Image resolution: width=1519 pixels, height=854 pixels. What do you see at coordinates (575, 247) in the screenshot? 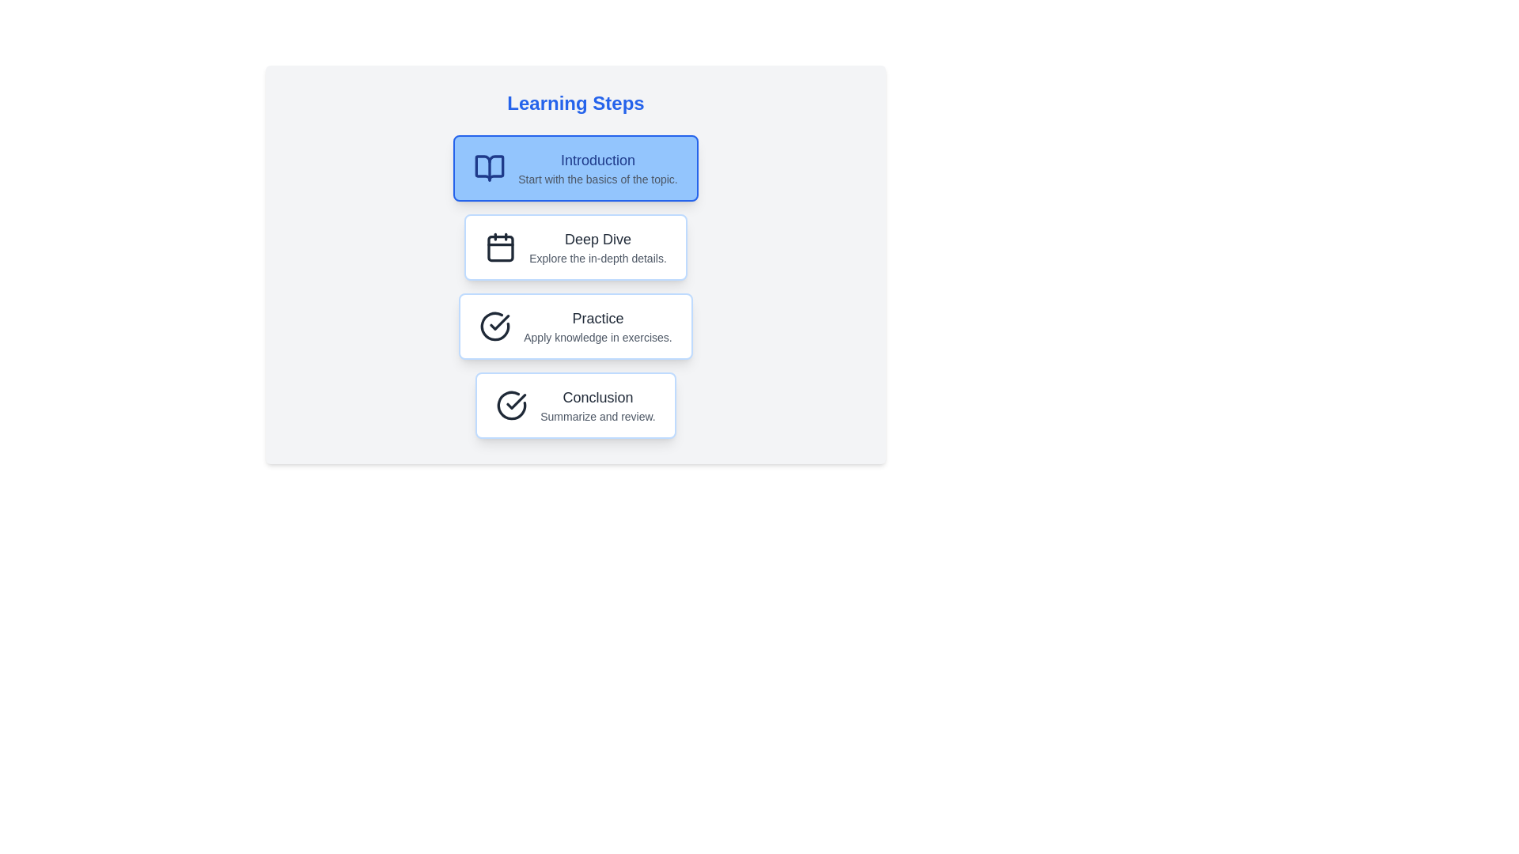
I see `the 'Deep Dive' button, which features a calendar icon and two lines of text` at bounding box center [575, 247].